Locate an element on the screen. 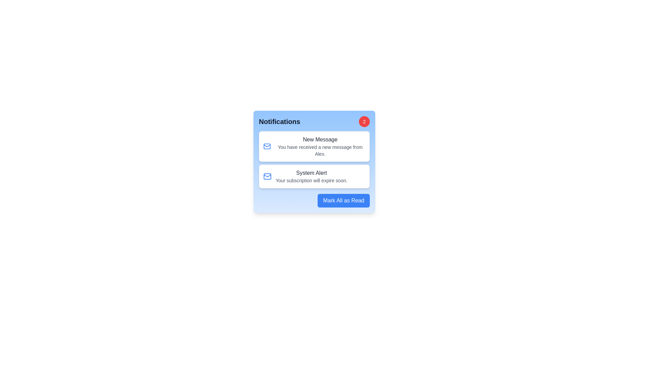 This screenshot has height=368, width=655. notification details from the first notification card indicating a new message from Alex, which is located in the central region of the notification area below the 'Notifications' header is located at coordinates (320, 146).